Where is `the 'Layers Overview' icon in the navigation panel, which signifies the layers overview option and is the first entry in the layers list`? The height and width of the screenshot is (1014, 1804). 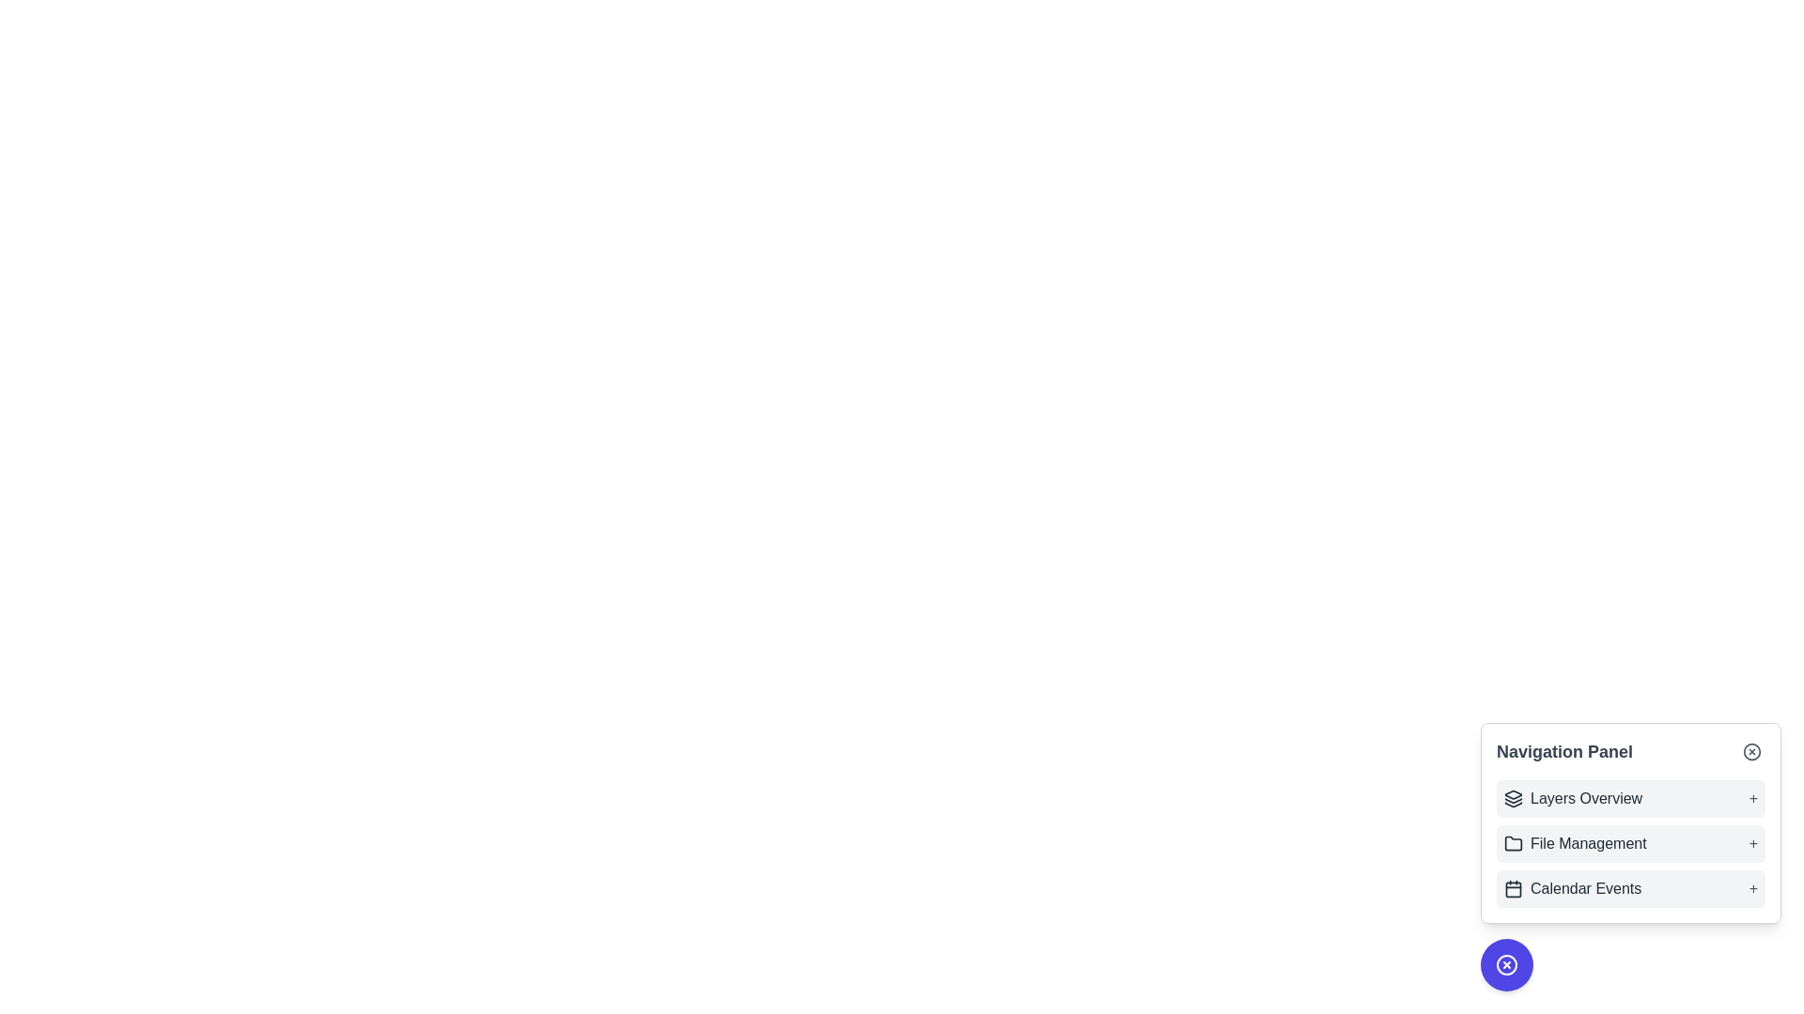
the 'Layers Overview' icon in the navigation panel, which signifies the layers overview option and is the first entry in the layers list is located at coordinates (1514, 803).